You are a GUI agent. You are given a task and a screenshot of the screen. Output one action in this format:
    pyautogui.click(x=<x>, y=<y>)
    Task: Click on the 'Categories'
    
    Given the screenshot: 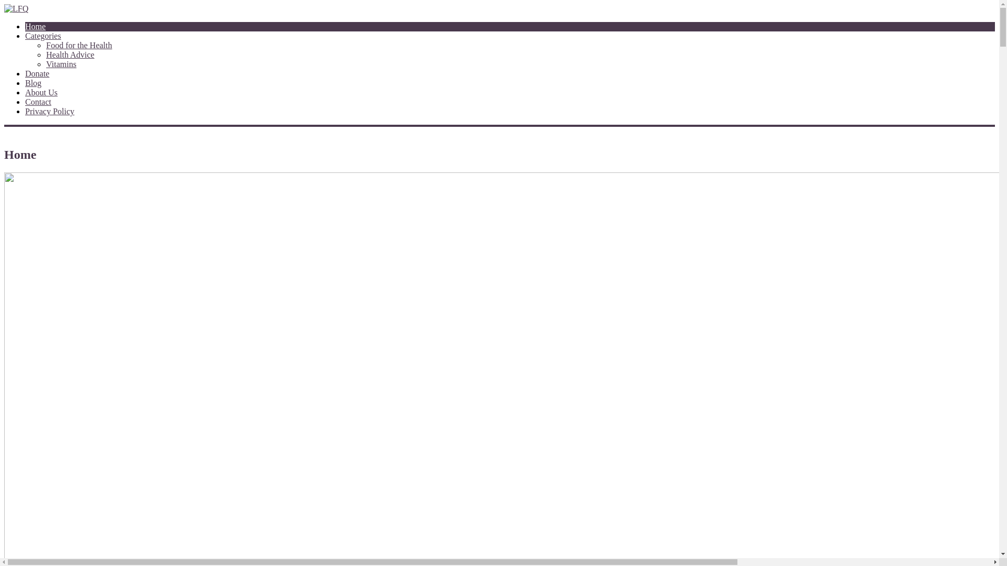 What is the action you would take?
    pyautogui.click(x=25, y=35)
    